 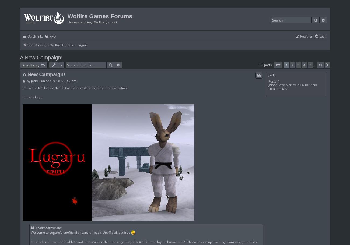 I want to click on 'by', so click(x=29, y=81).